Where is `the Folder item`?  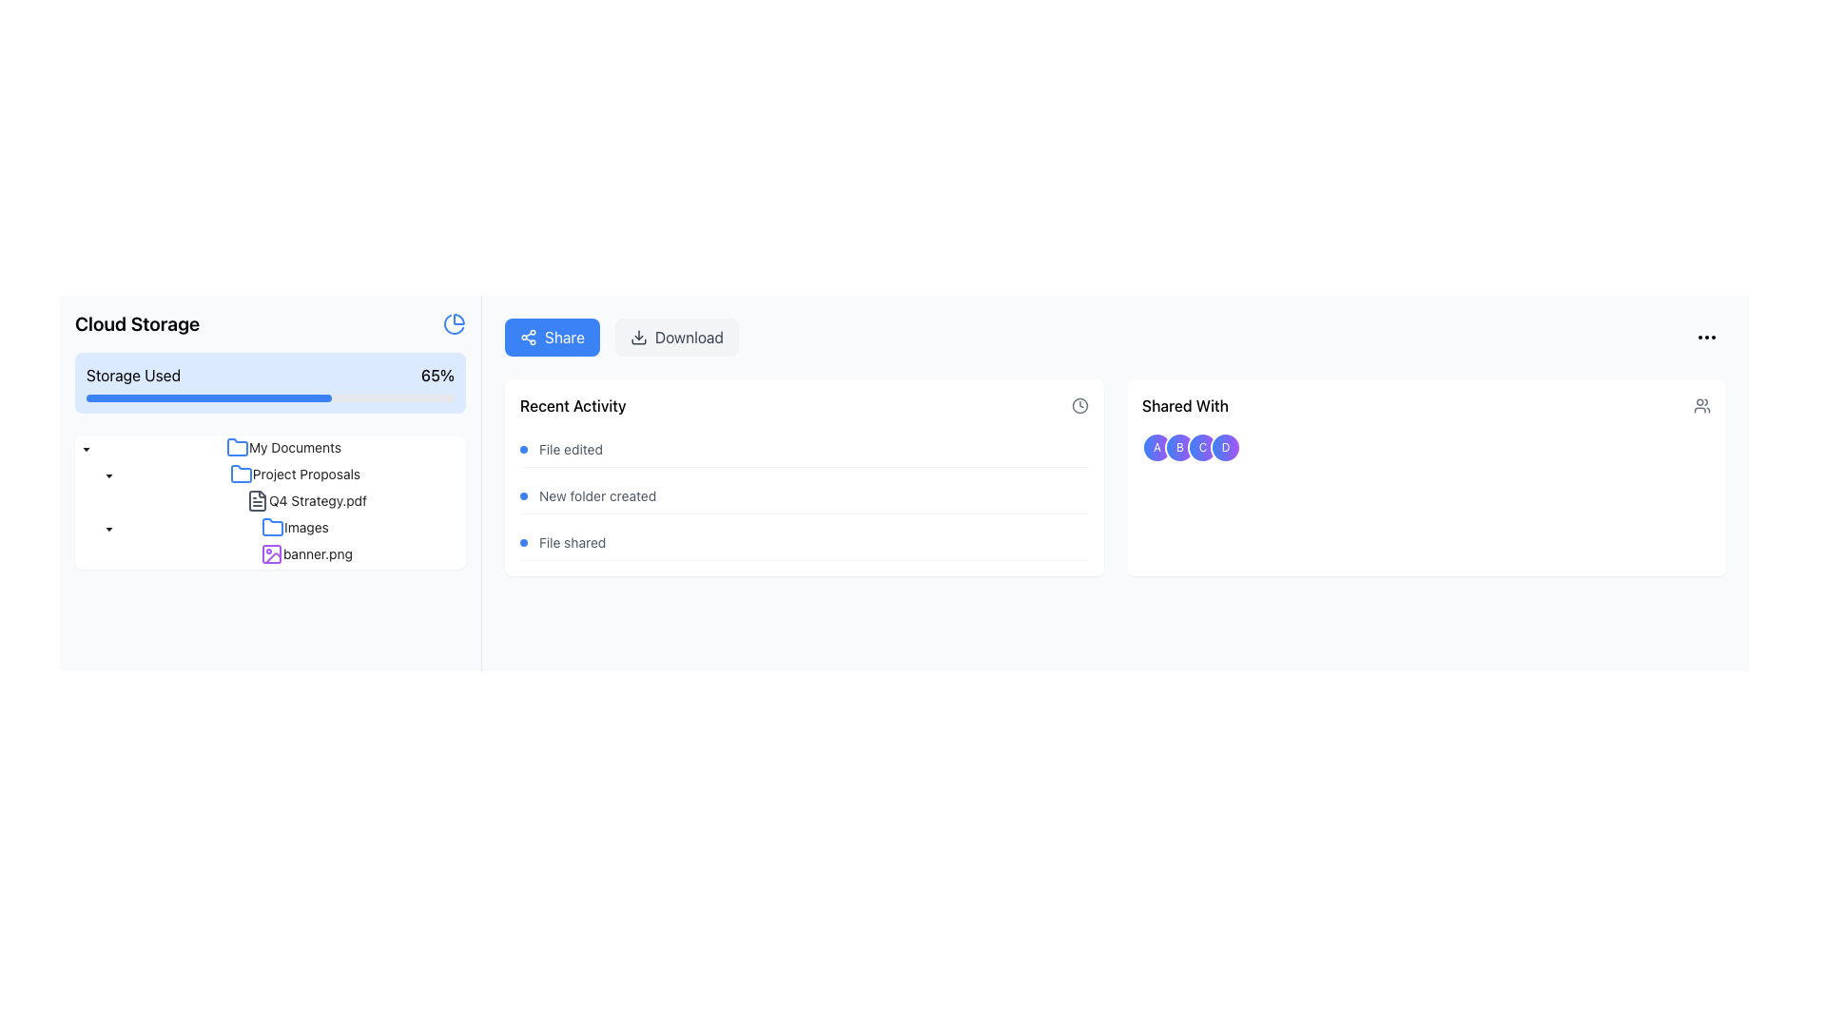
the Folder item is located at coordinates (269, 473).